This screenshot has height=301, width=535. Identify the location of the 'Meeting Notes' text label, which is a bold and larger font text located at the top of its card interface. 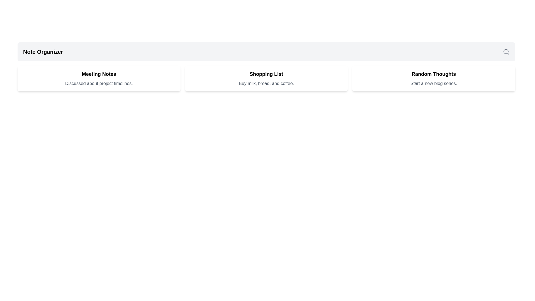
(99, 74).